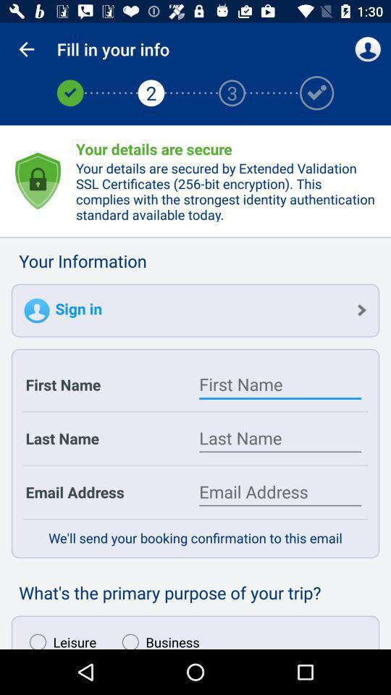  I want to click on sign in app, so click(195, 311).